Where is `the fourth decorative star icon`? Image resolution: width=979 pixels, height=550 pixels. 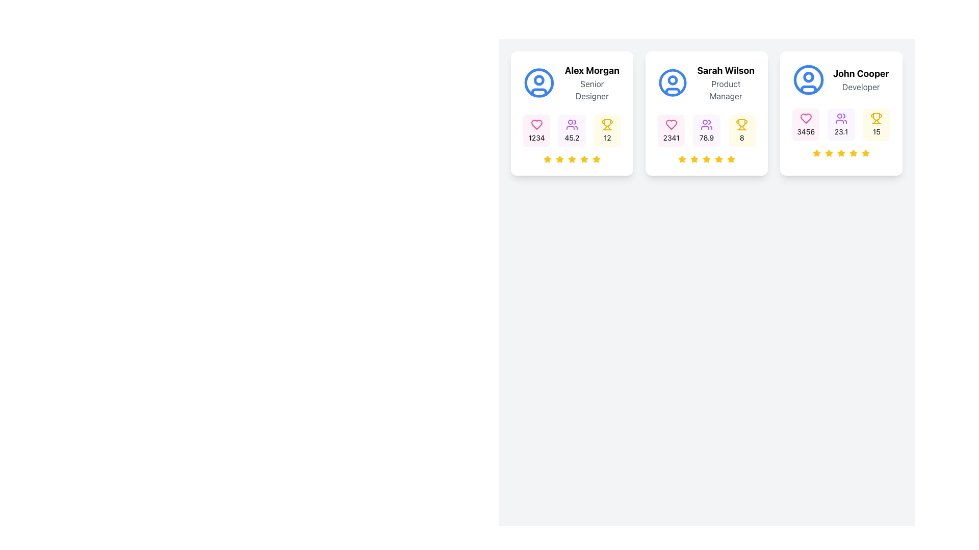
the fourth decorative star icon is located at coordinates (706, 159).